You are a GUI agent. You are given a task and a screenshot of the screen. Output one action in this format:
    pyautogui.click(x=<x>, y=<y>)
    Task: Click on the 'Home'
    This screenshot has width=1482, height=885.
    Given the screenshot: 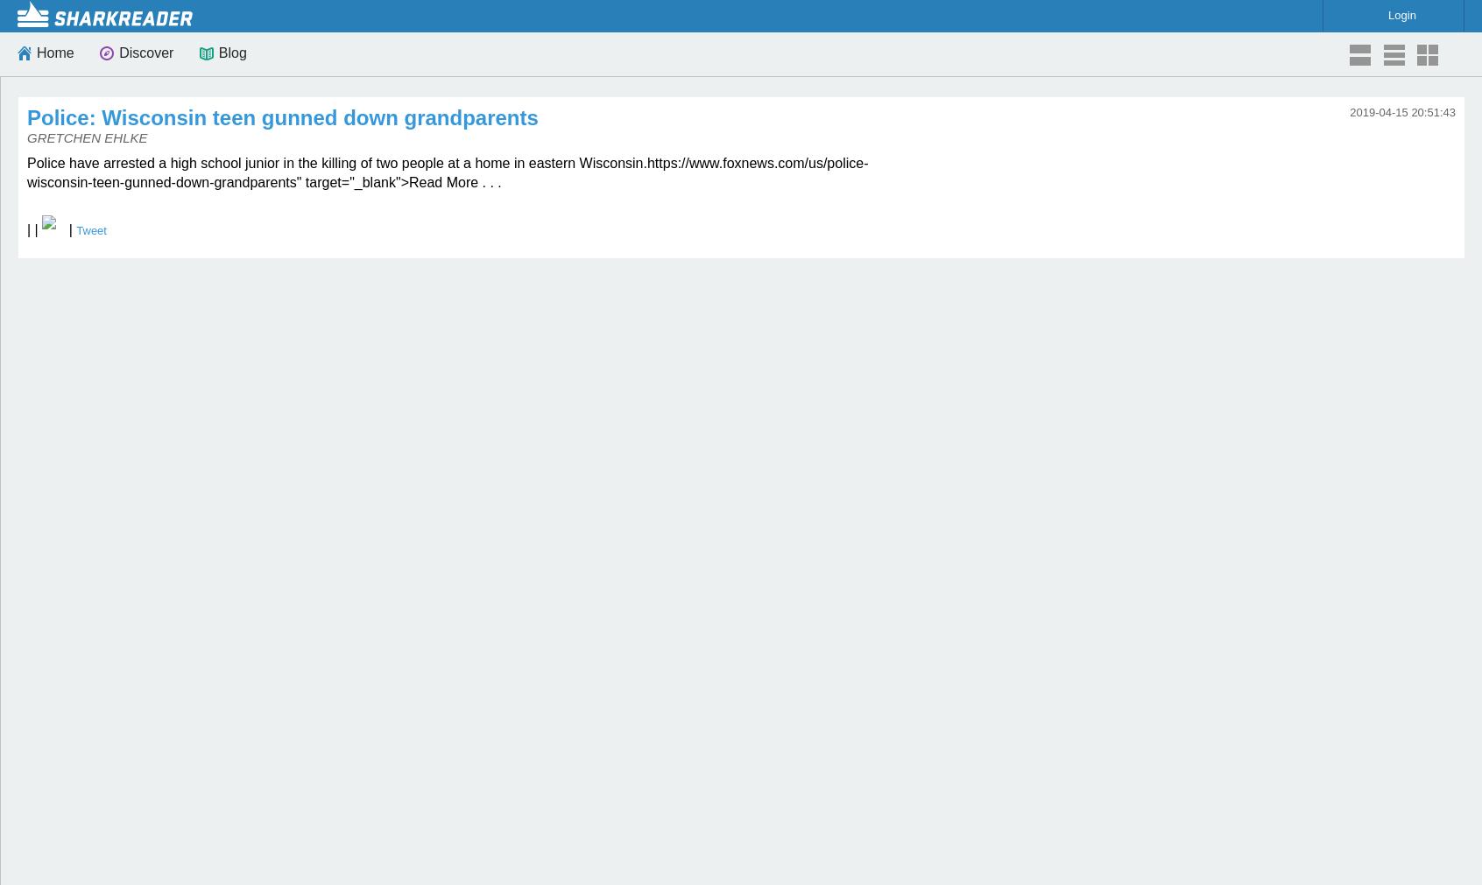 What is the action you would take?
    pyautogui.click(x=53, y=52)
    